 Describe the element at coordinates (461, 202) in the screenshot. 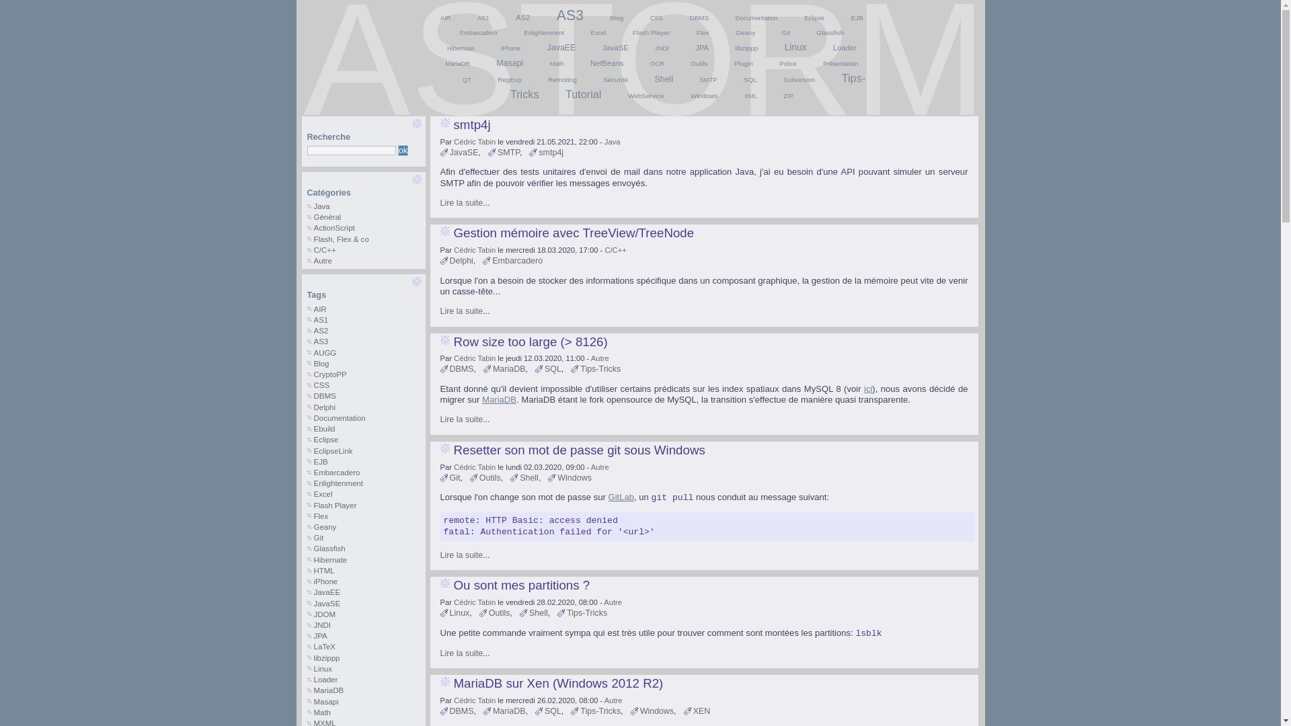

I see `'Lire la suite'` at that location.